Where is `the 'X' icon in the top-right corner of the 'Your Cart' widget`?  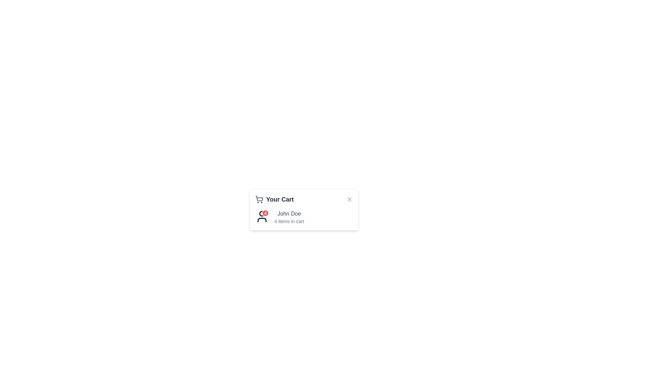 the 'X' icon in the top-right corner of the 'Your Cart' widget is located at coordinates (349, 199).